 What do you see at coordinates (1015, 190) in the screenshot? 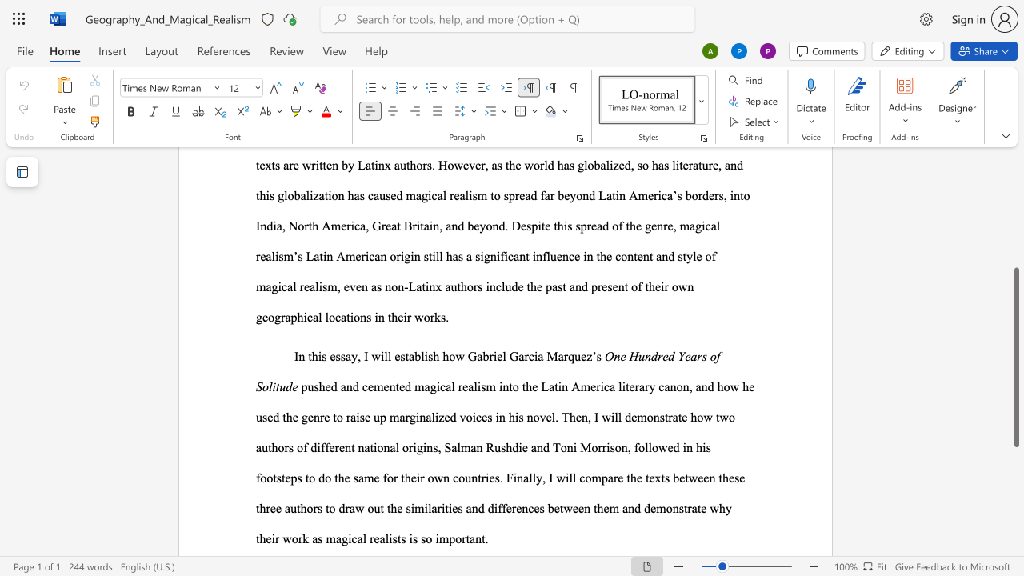
I see `the scrollbar on the side` at bounding box center [1015, 190].